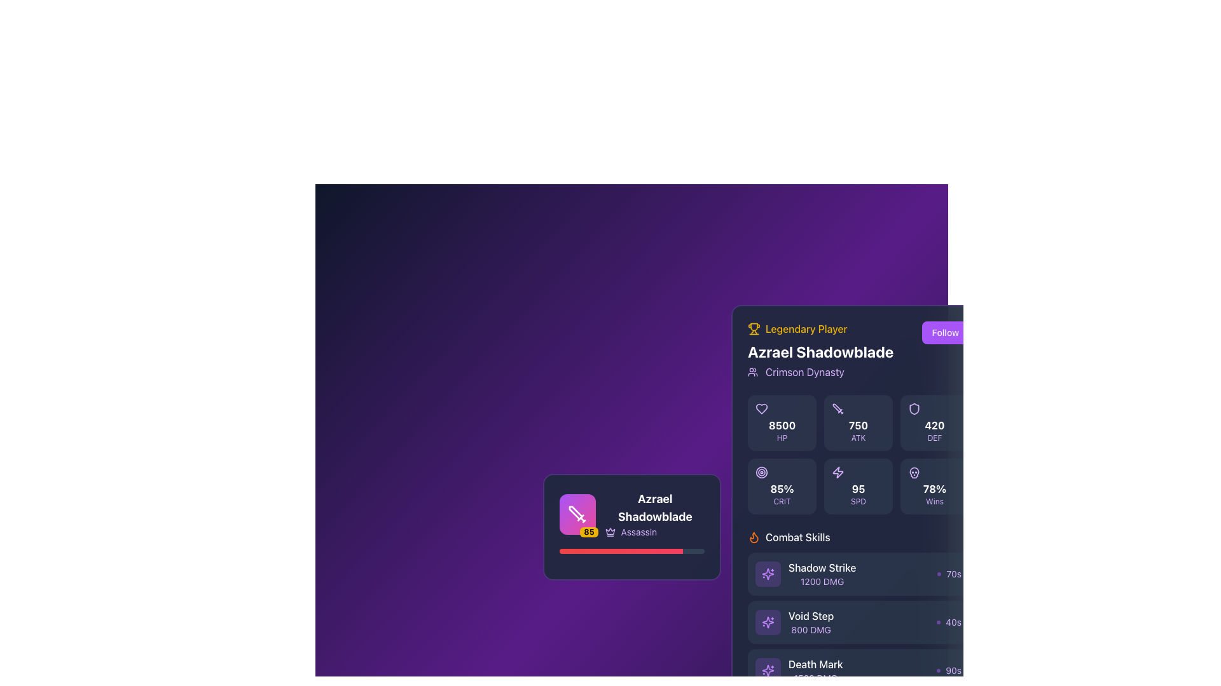 This screenshot has width=1221, height=686. What do you see at coordinates (815, 670) in the screenshot?
I see `text displayed in the 'Death Mark' skill text block, which shows the name and damage value of the skill, located below 'Void Step' in the combat skills list` at bounding box center [815, 670].